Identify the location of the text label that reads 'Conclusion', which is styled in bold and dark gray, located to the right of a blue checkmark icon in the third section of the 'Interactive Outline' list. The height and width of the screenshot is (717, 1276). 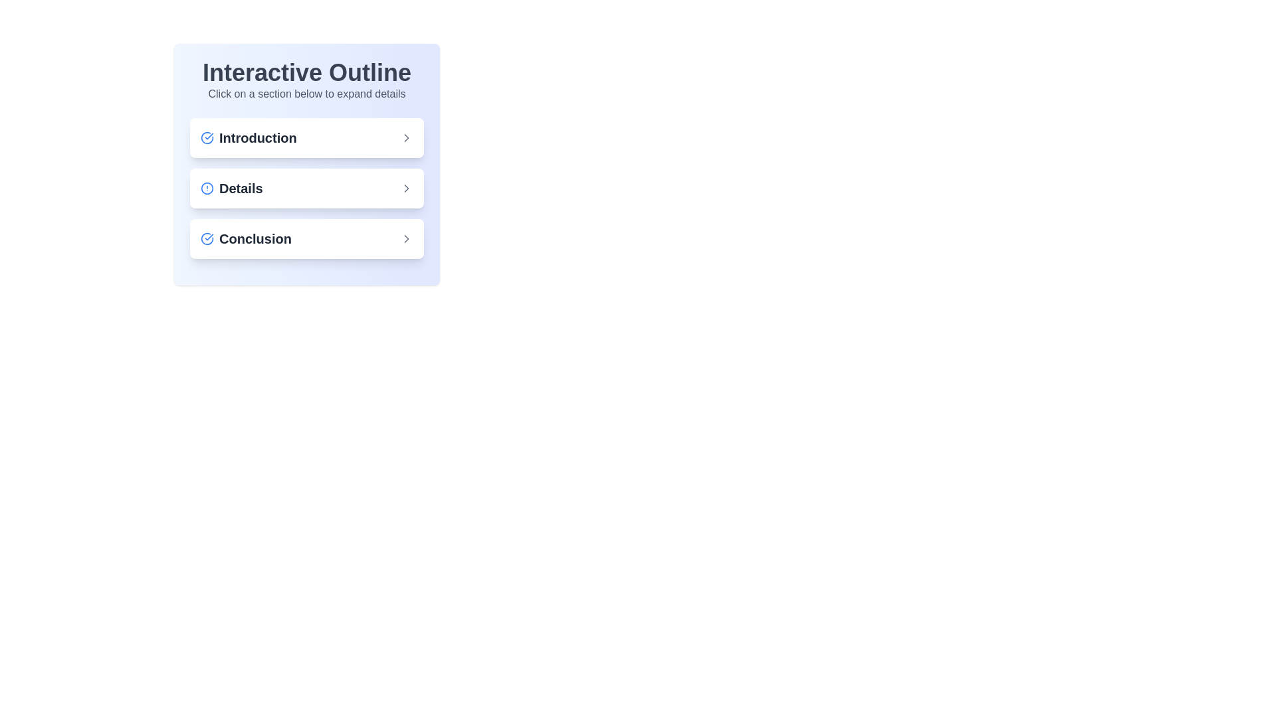
(255, 238).